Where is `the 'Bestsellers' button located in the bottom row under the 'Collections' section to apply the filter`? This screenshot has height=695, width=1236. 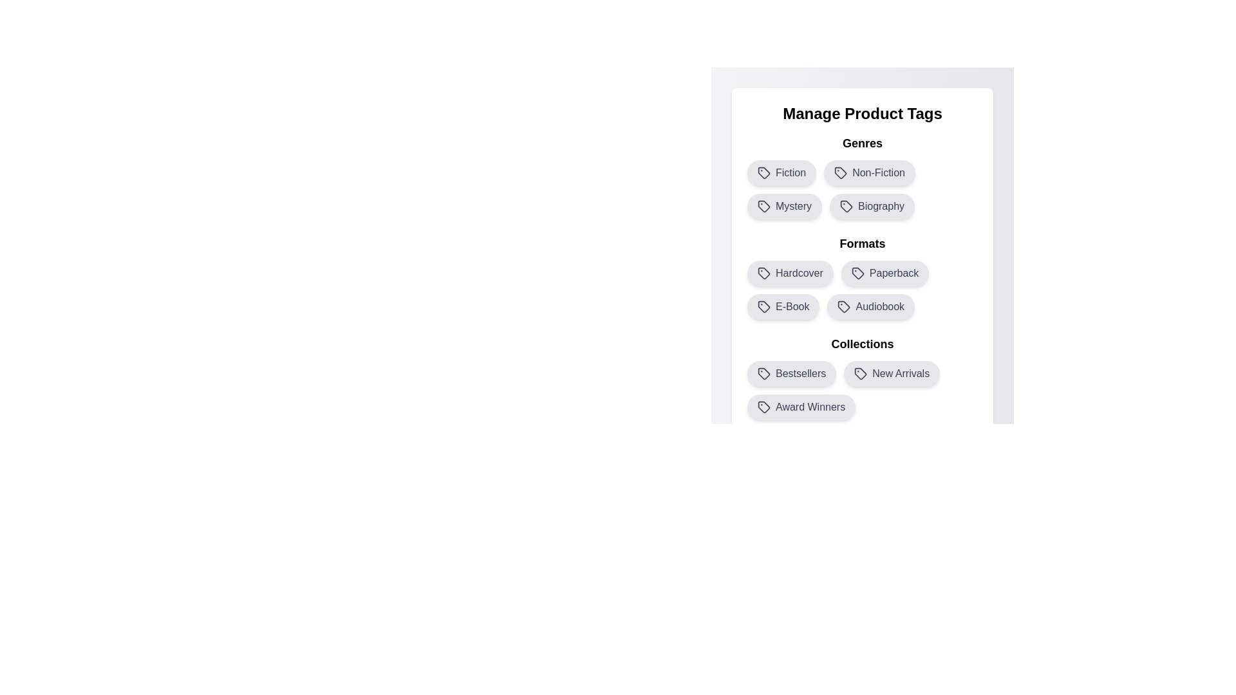 the 'Bestsellers' button located in the bottom row under the 'Collections' section to apply the filter is located at coordinates (791, 374).